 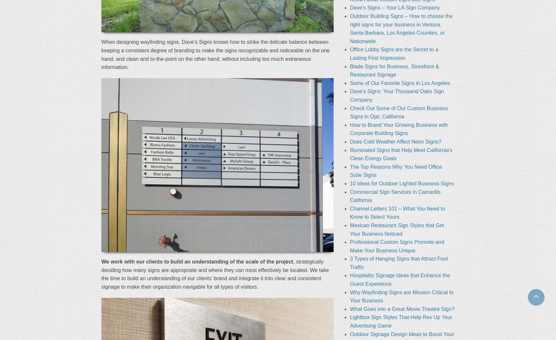 I want to click on 'Outdoor Building Signs – How to choose the right signs for your business in Ventura, Santa Barbara, Los Angeles Counties, or Nationwide', so click(x=401, y=28).